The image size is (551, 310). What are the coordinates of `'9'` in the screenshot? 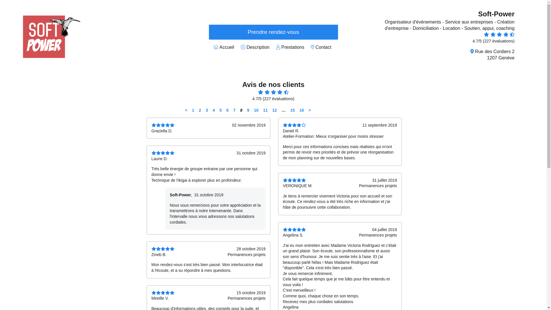 It's located at (248, 110).